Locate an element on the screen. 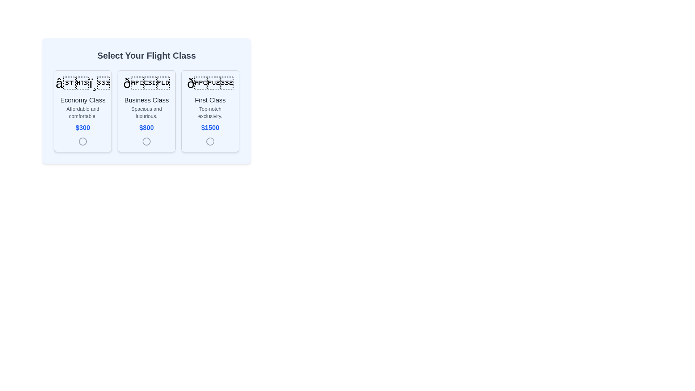  descriptive tagline about the 'Business Class' offering, which is located in the second card below the title 'Business Class' and above the price '$800' is located at coordinates (146, 113).